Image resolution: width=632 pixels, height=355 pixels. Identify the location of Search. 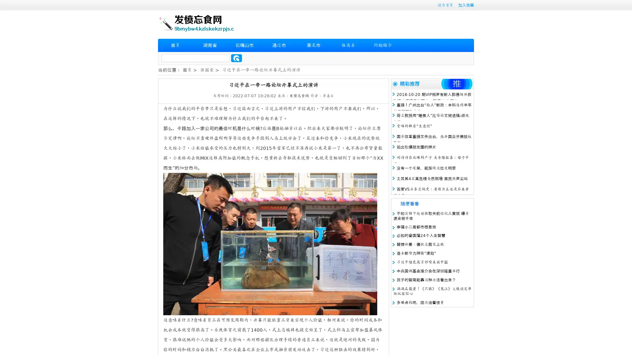
(236, 58).